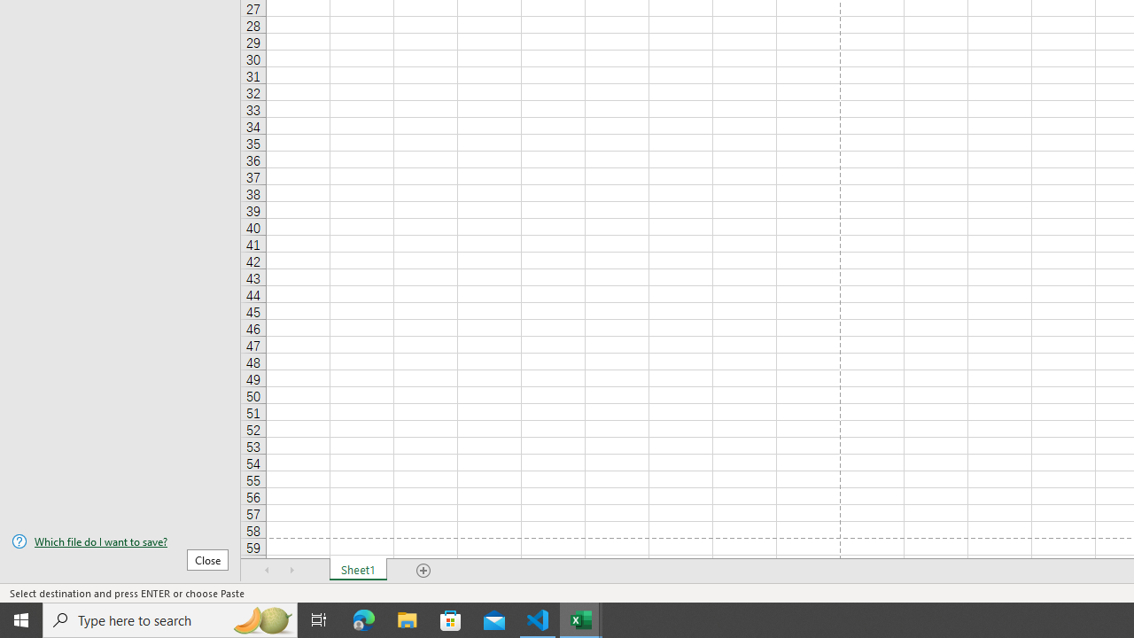 This screenshot has width=1134, height=638. Describe the element at coordinates (581, 619) in the screenshot. I see `'Excel - 2 running windows'` at that location.